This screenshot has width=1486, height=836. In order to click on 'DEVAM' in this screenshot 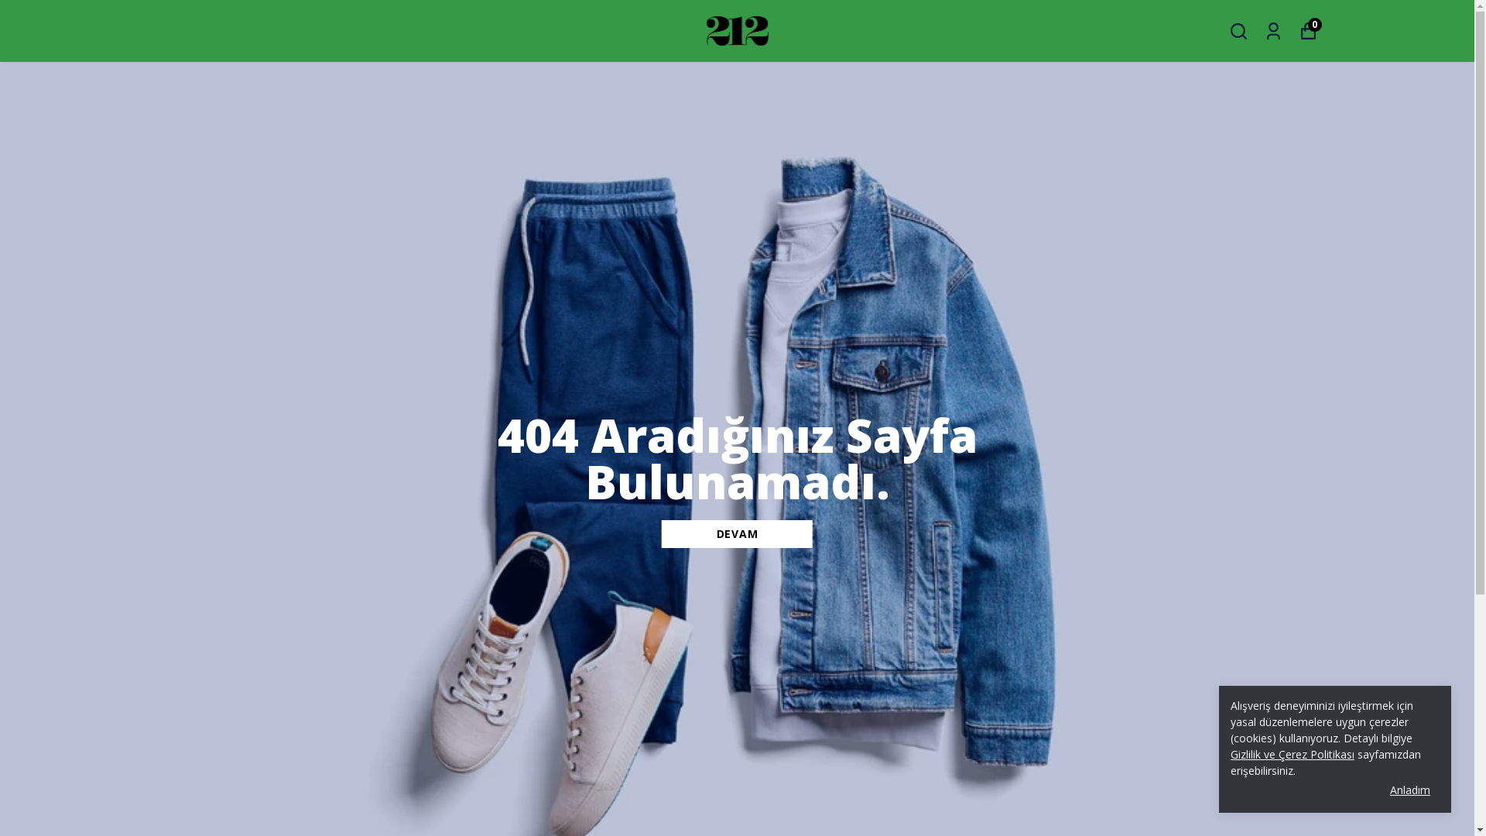, I will do `click(736, 533)`.